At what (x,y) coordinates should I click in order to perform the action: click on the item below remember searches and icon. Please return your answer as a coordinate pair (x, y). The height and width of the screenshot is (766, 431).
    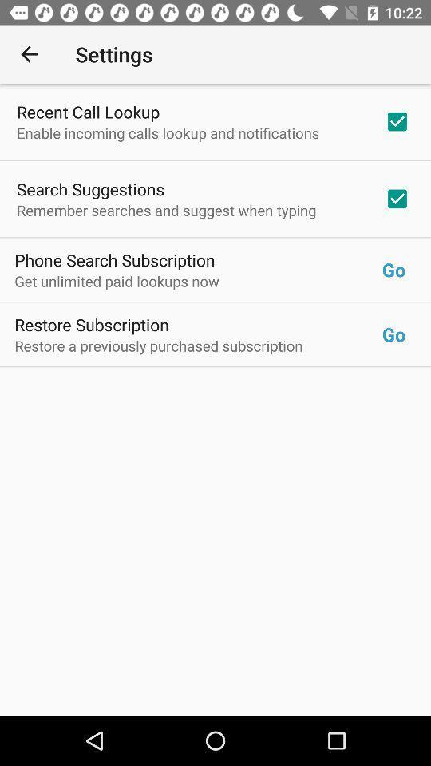
    Looking at the image, I should click on (114, 259).